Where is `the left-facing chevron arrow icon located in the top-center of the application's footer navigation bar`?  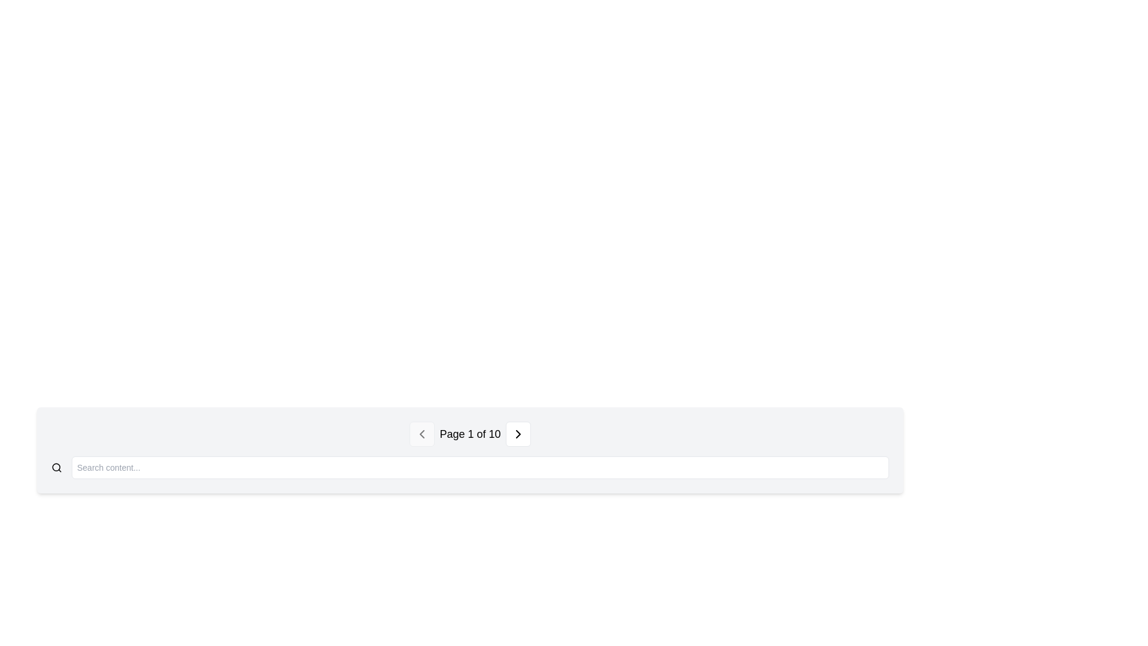 the left-facing chevron arrow icon located in the top-center of the application's footer navigation bar is located at coordinates (422, 434).